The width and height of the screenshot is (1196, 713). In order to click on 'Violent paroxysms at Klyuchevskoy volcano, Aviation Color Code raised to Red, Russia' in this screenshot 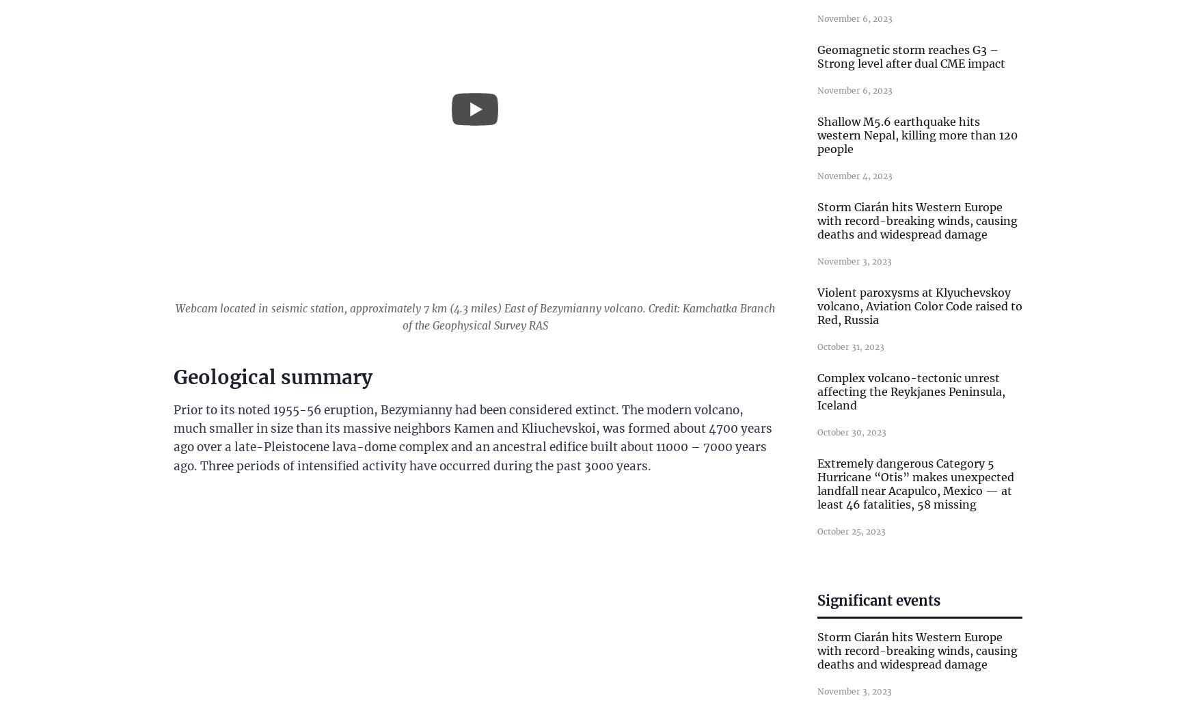, I will do `click(919, 306)`.